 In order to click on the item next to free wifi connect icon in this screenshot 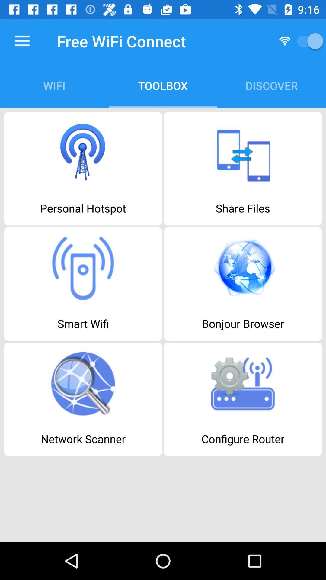, I will do `click(22, 41)`.